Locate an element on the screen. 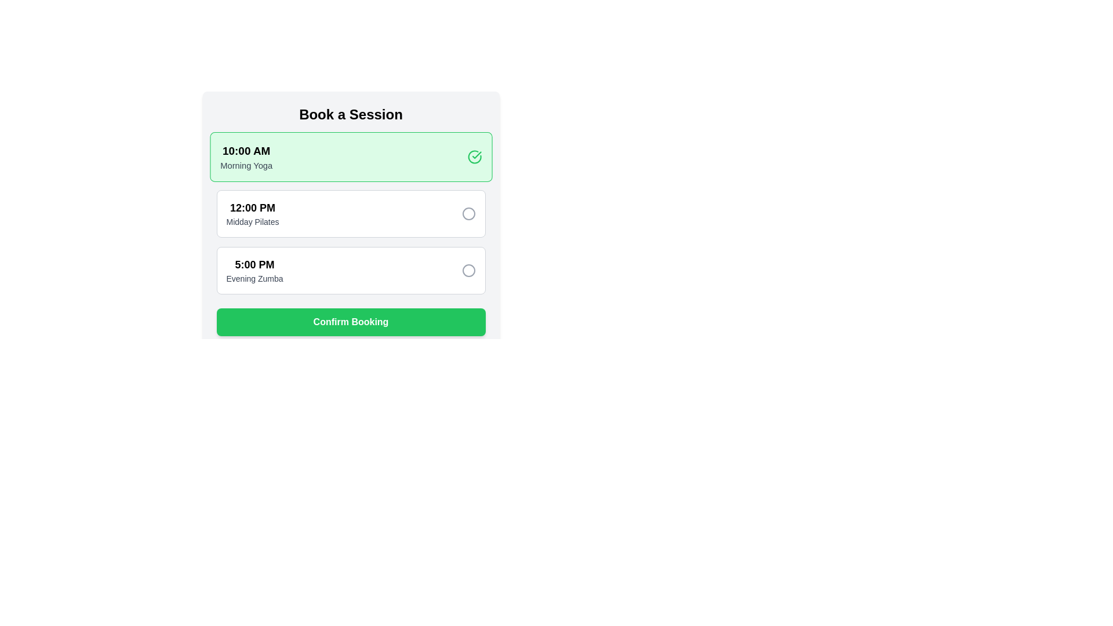 The height and width of the screenshot is (626, 1113). the 'Midday Pilates' session option at '12:00 PM' in the selectable list is located at coordinates (350, 221).